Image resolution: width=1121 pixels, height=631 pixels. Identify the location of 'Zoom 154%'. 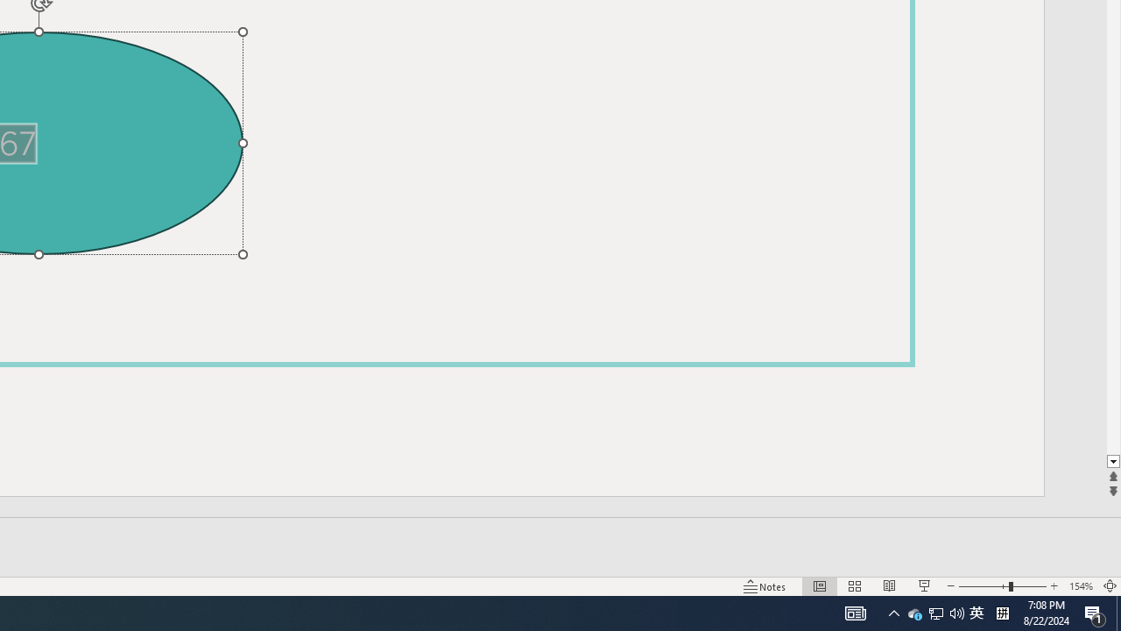
(1080, 586).